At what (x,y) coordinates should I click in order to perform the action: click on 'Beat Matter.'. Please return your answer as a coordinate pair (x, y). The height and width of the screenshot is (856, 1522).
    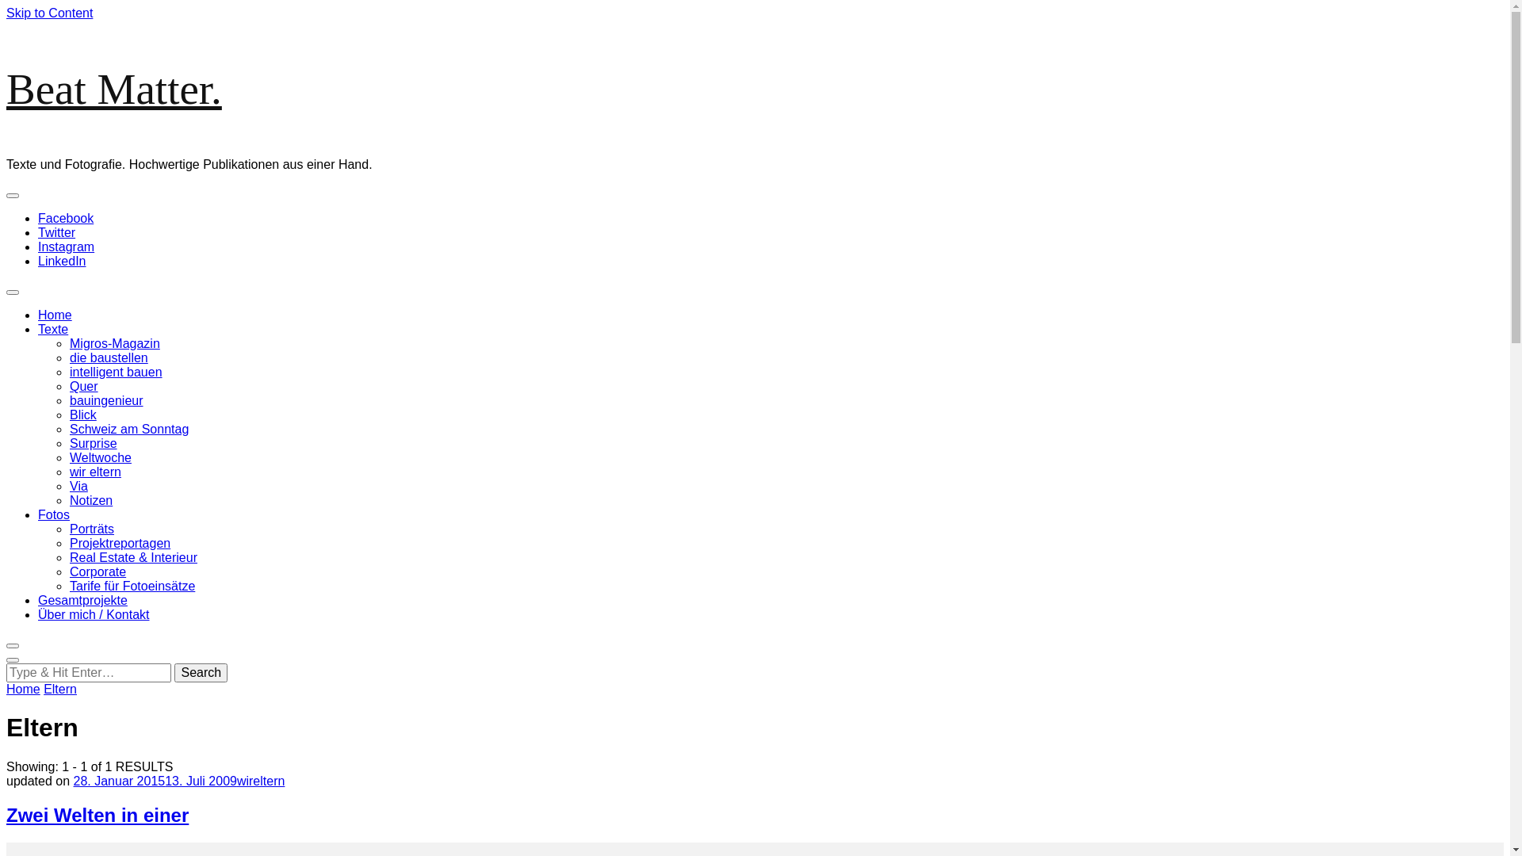
    Looking at the image, I should click on (113, 89).